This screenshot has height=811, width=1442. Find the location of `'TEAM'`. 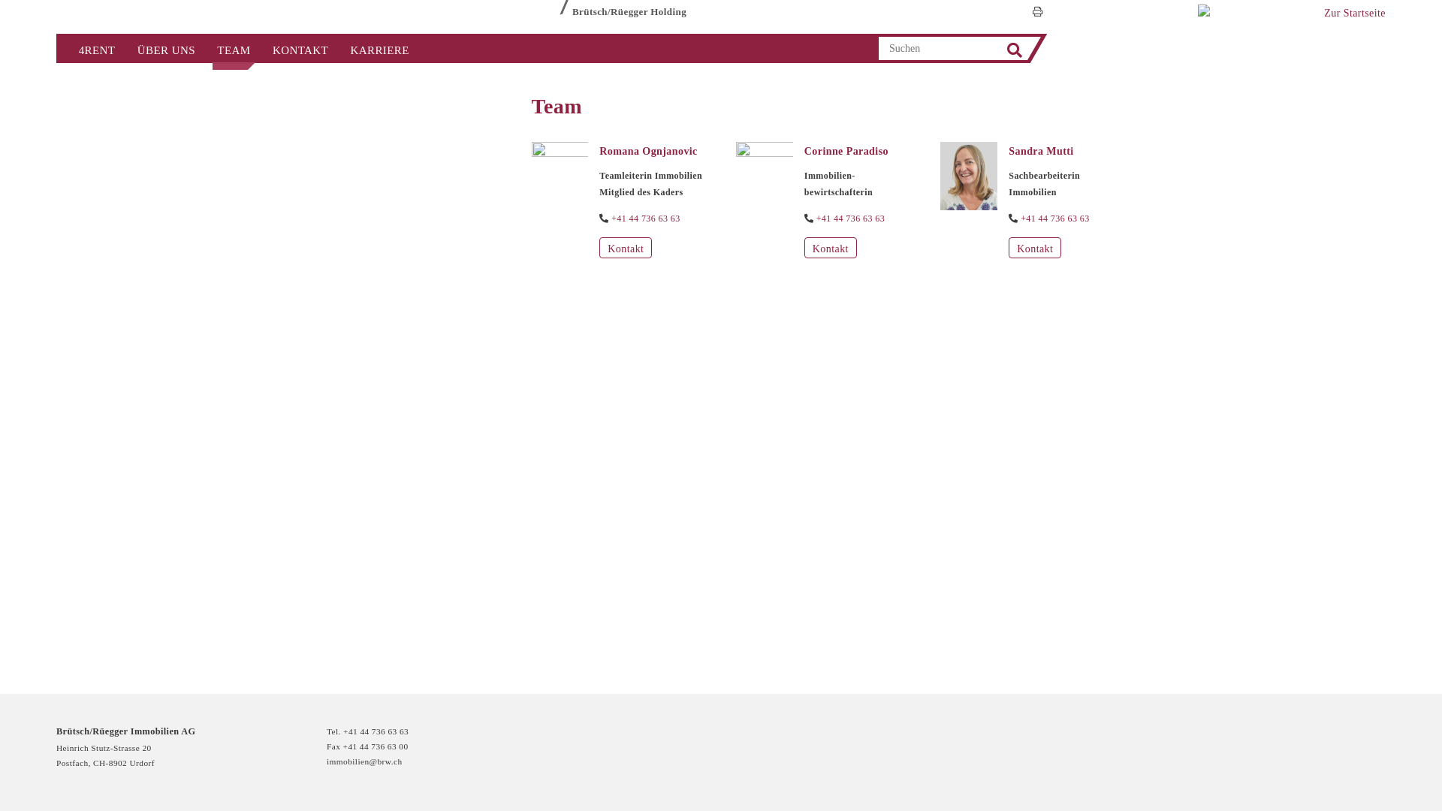

'TEAM' is located at coordinates (205, 48).